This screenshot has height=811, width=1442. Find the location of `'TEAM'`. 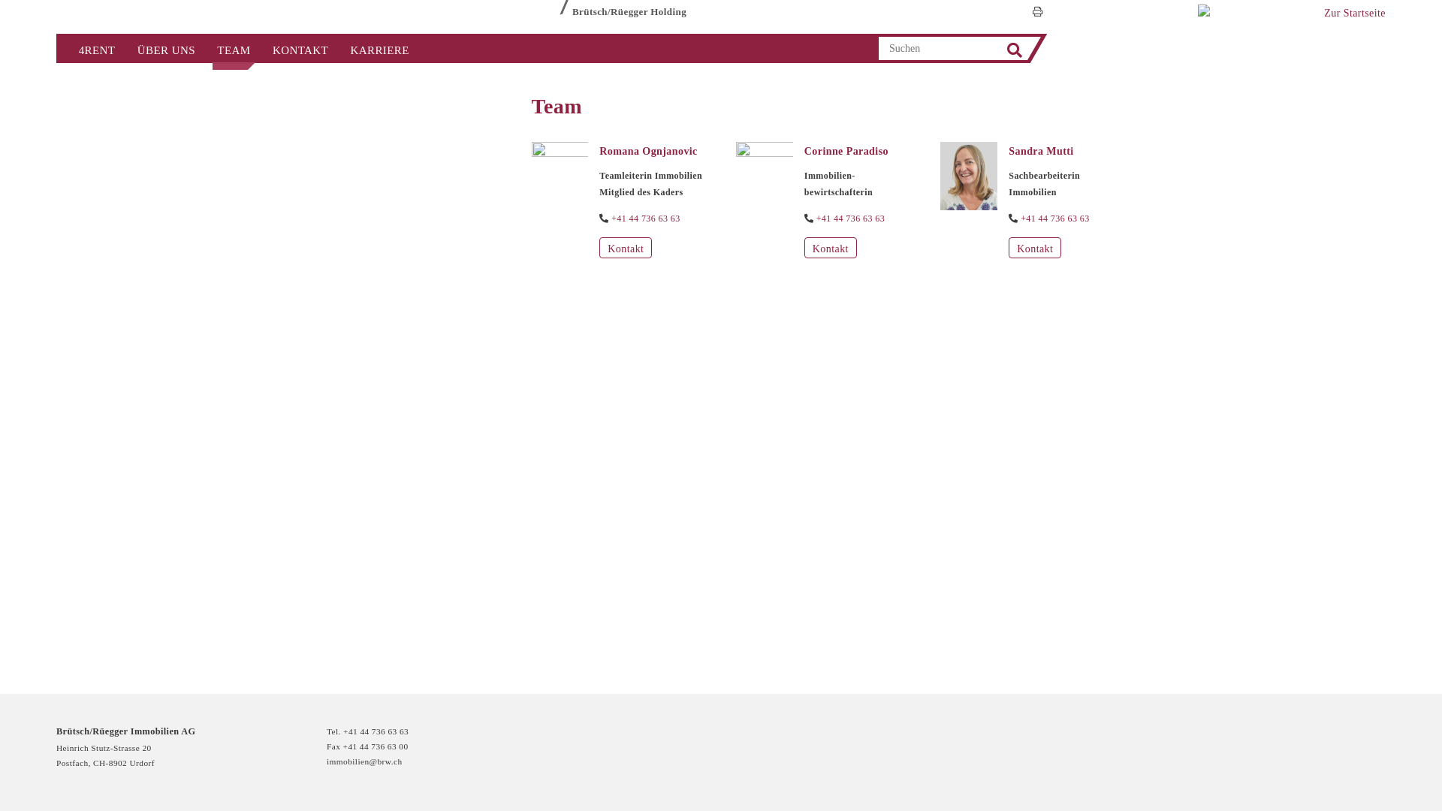

'TEAM' is located at coordinates (205, 48).